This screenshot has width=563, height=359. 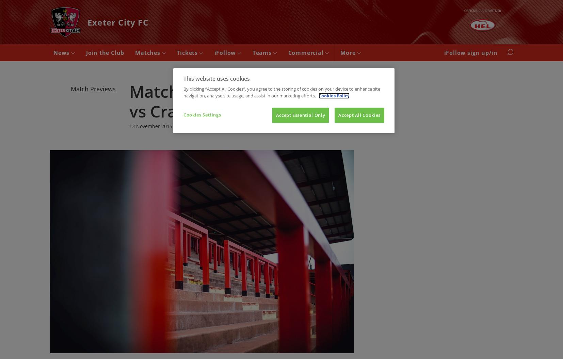 What do you see at coordinates (188, 53) in the screenshot?
I see `'Tickets'` at bounding box center [188, 53].